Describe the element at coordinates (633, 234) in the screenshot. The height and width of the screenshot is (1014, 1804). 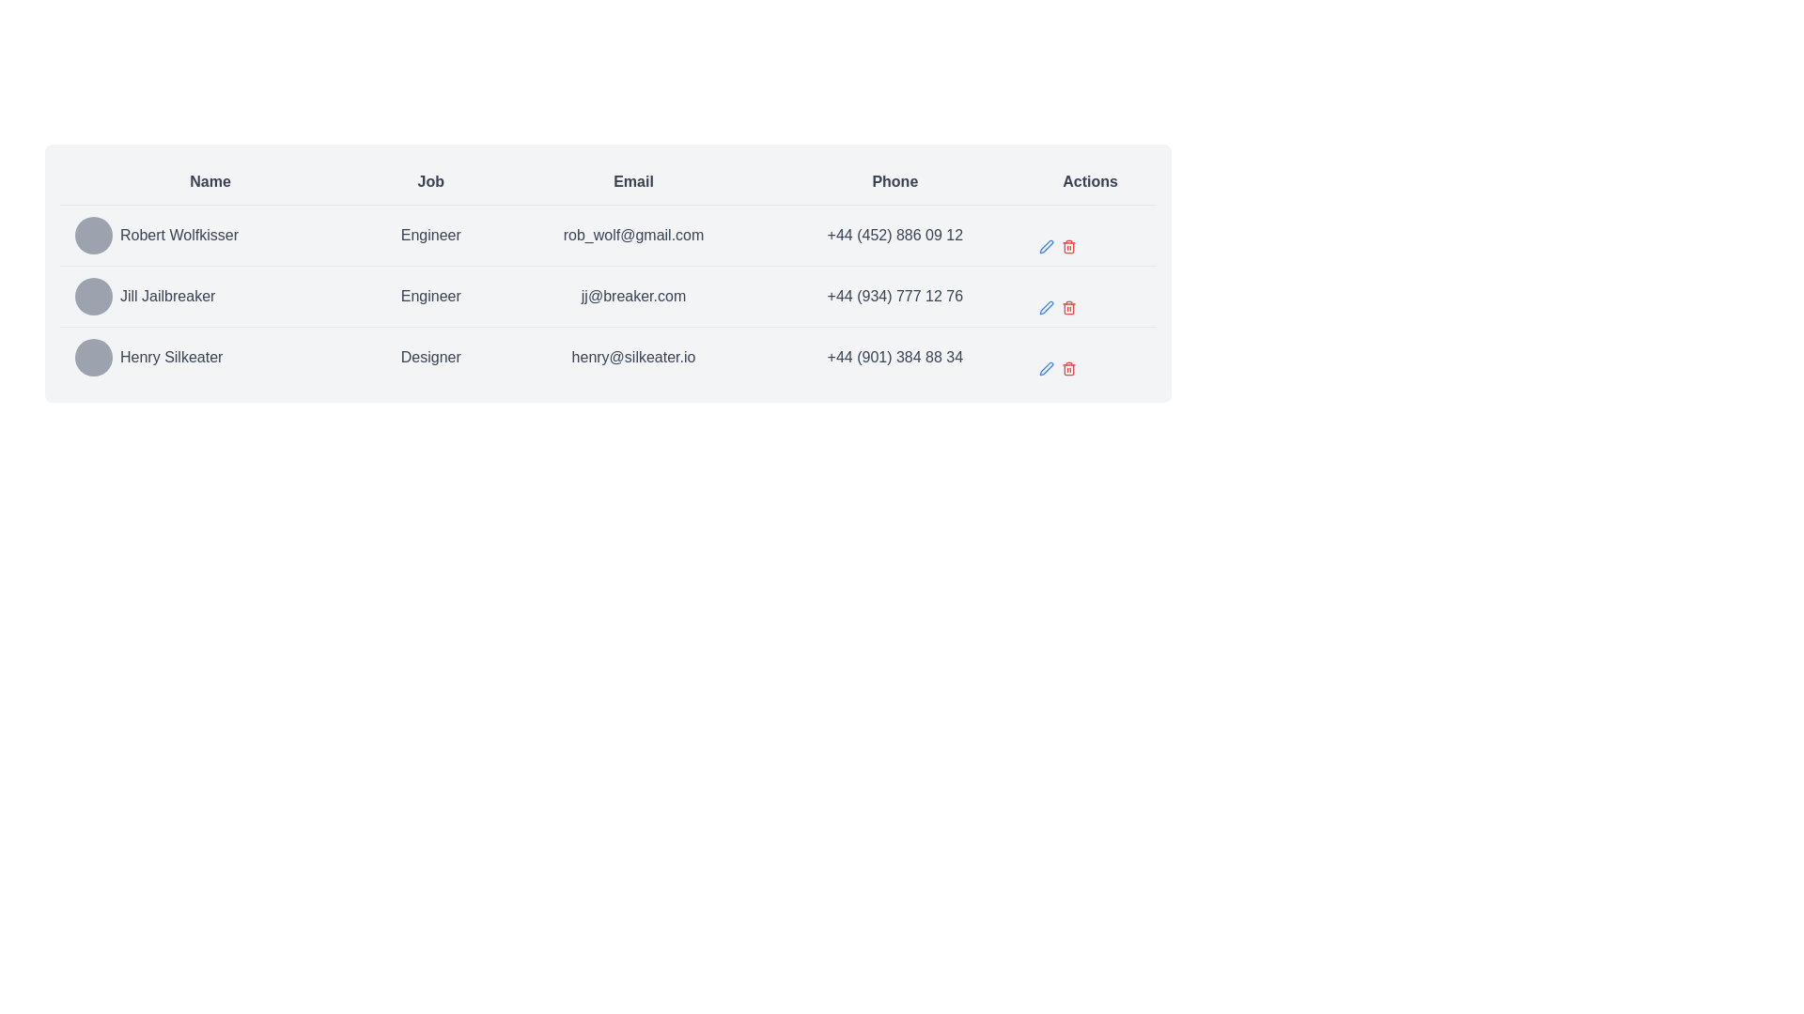
I see `the text label displaying 'rob_wolf@gmail.com' located in the 'Email' column of the first data row, which is centered within its cell` at that location.